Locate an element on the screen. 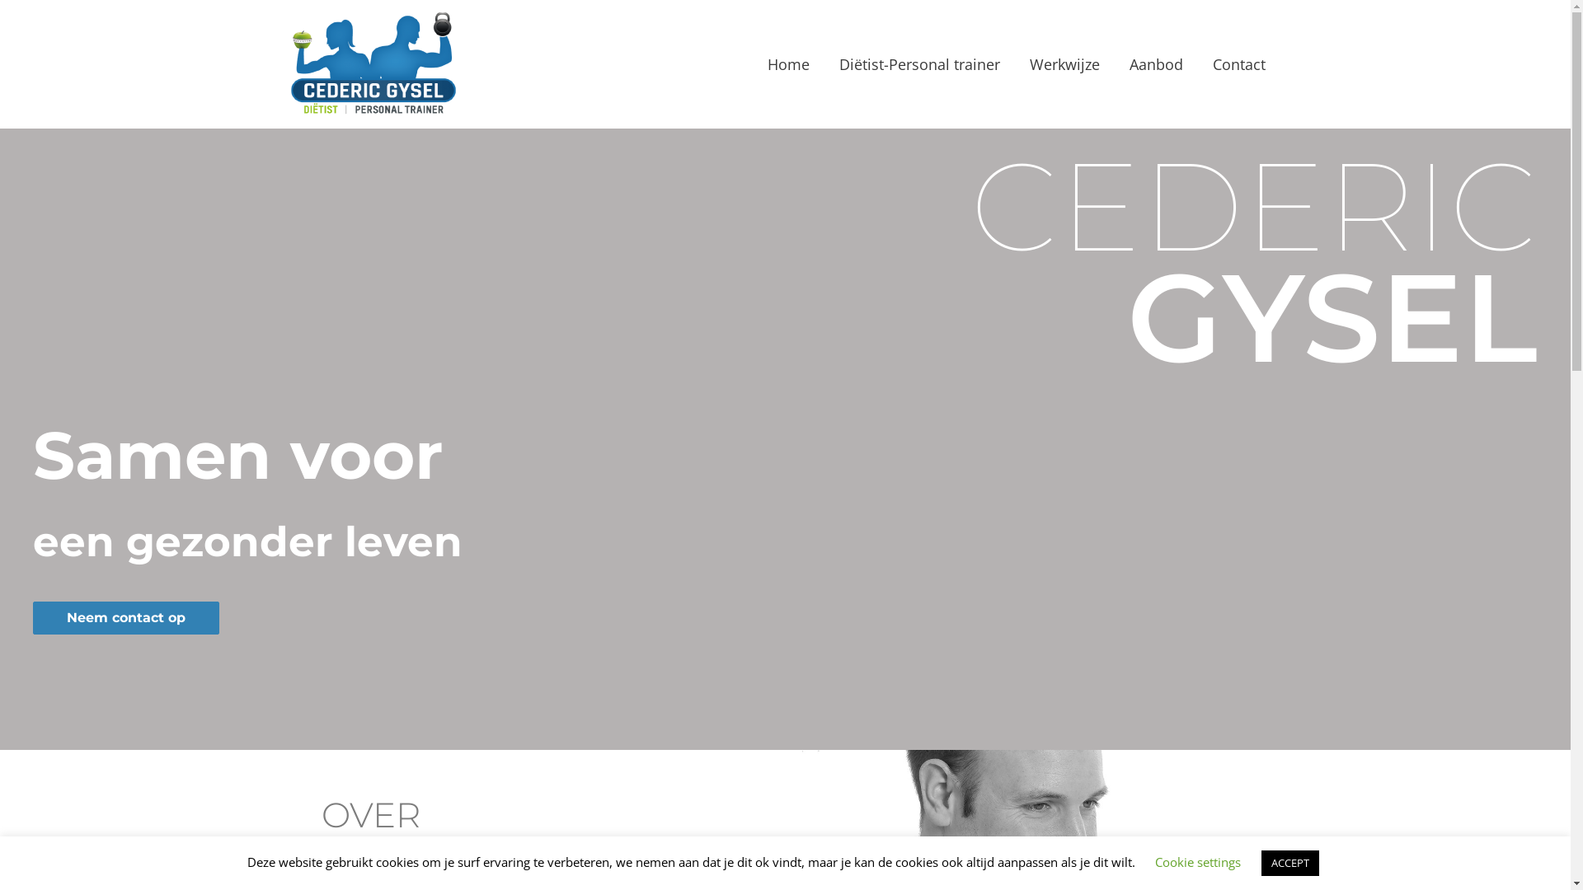  'Home' is located at coordinates (751, 63).